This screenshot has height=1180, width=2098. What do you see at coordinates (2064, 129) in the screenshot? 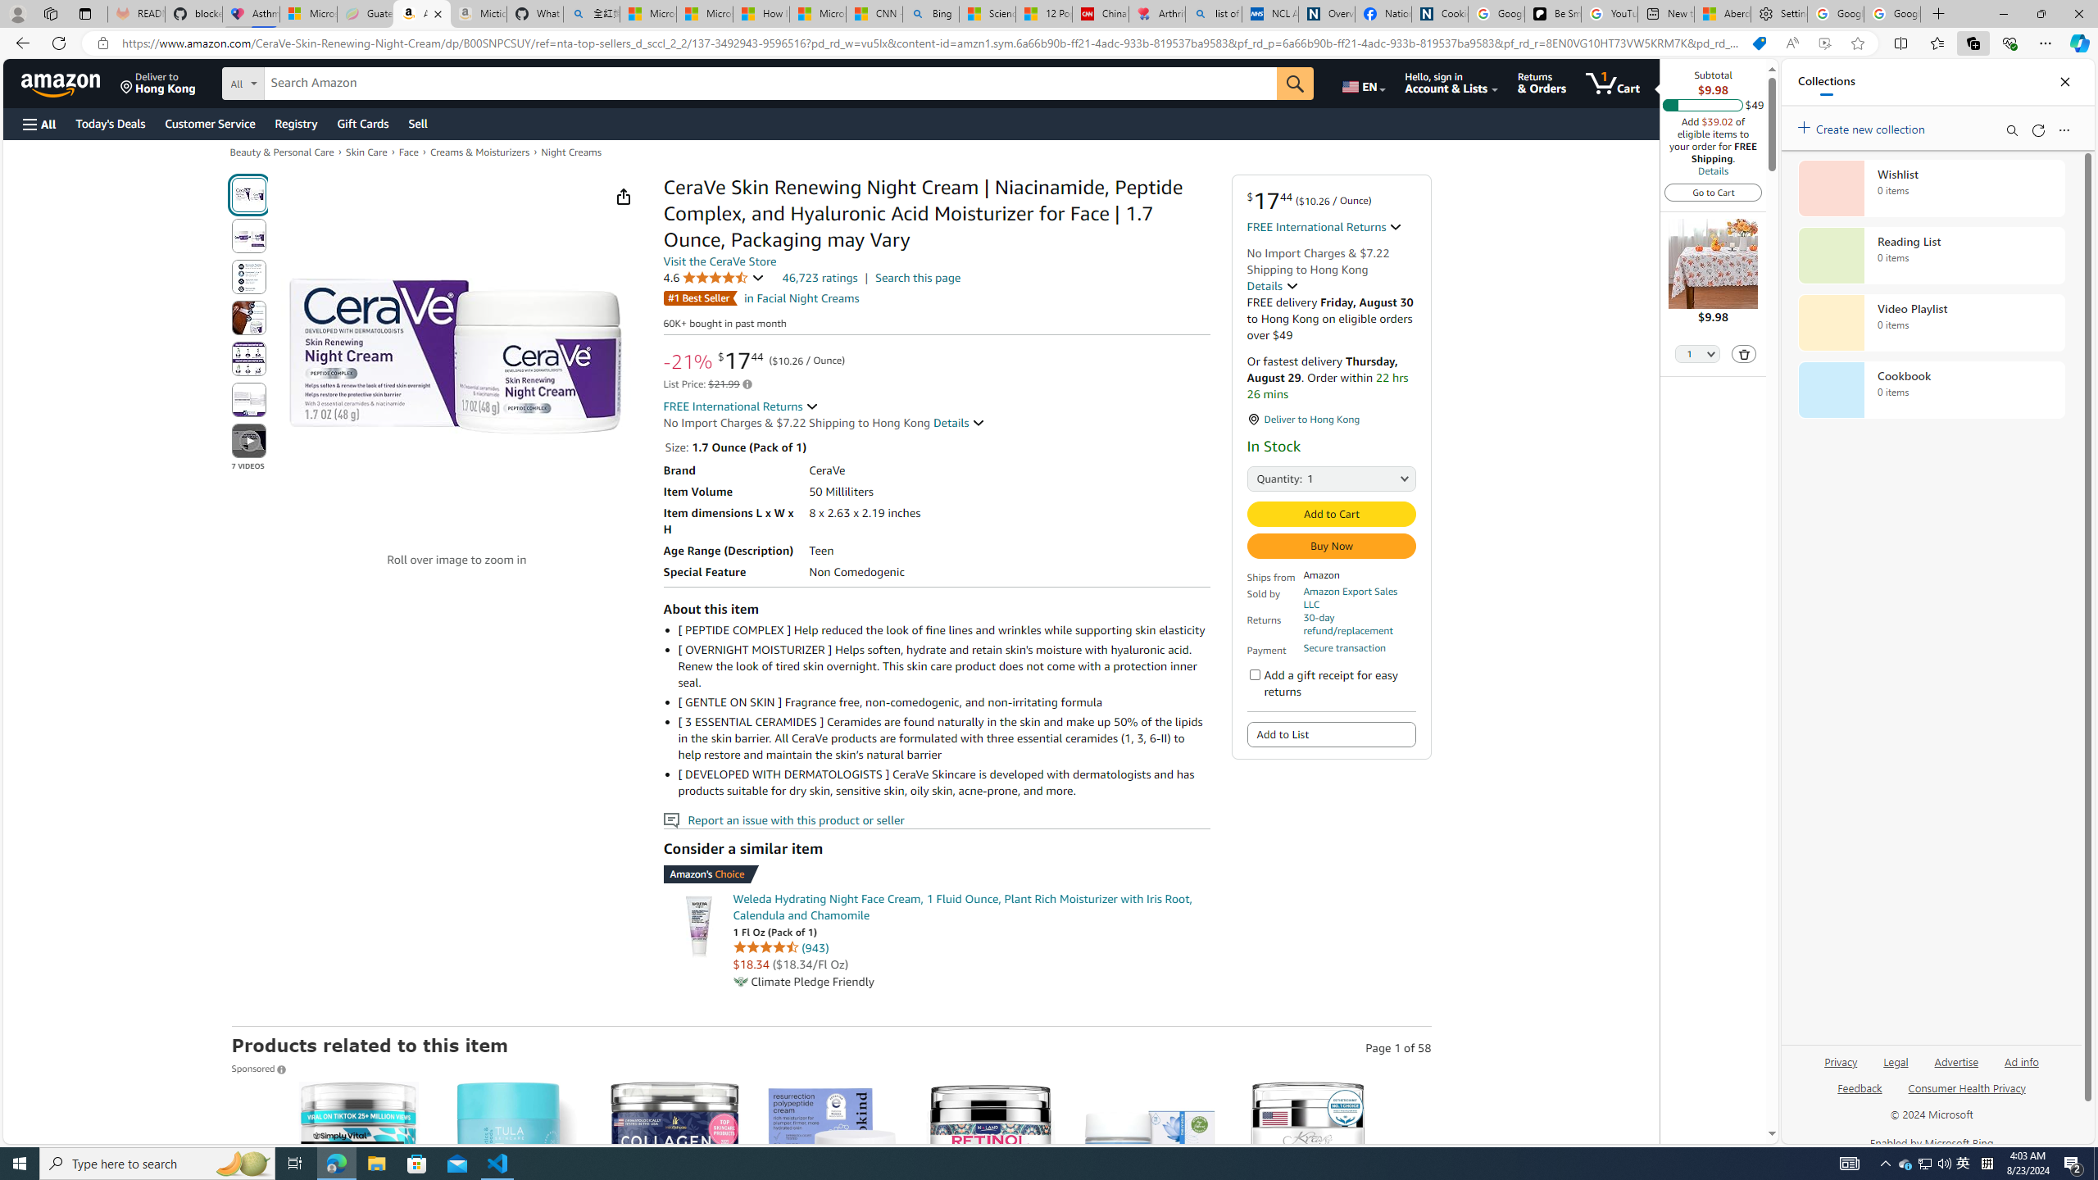
I see `'More options menu'` at bounding box center [2064, 129].